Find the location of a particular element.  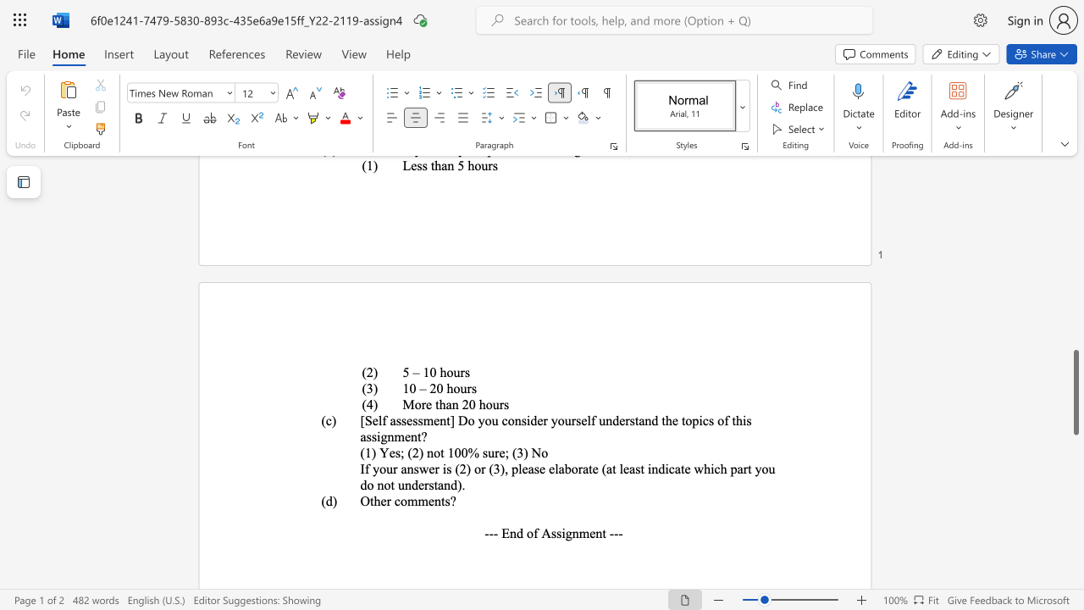

the subset text "urs" within the text "5 – 10 hours" is located at coordinates (453, 371).